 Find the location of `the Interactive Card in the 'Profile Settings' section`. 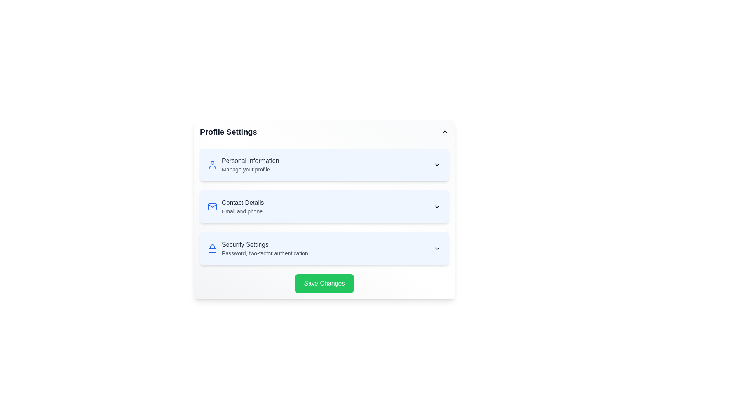

the Interactive Card in the 'Profile Settings' section is located at coordinates (324, 209).